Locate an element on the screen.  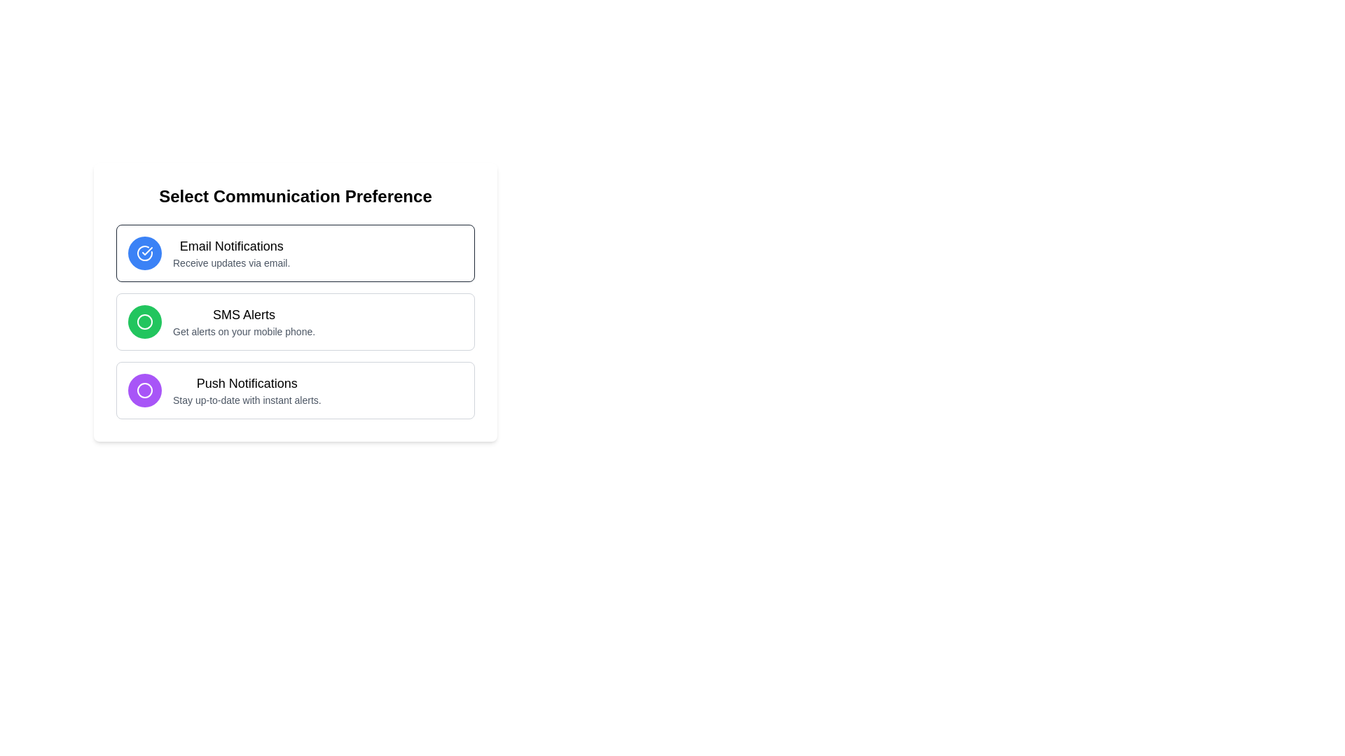
the informational element titled 'Push Notifications' which includes a bold title and a descriptive subtitle, positioned as the third item in a vertical list of options is located at coordinates (247, 391).